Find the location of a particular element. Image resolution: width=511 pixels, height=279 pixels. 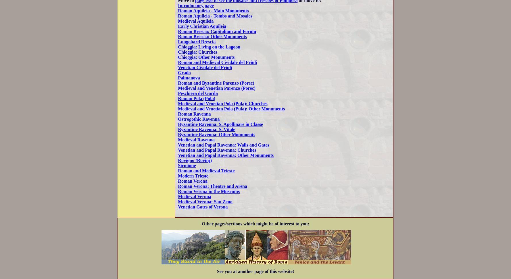

'Chioggia: Other Monuments' is located at coordinates (177, 57).